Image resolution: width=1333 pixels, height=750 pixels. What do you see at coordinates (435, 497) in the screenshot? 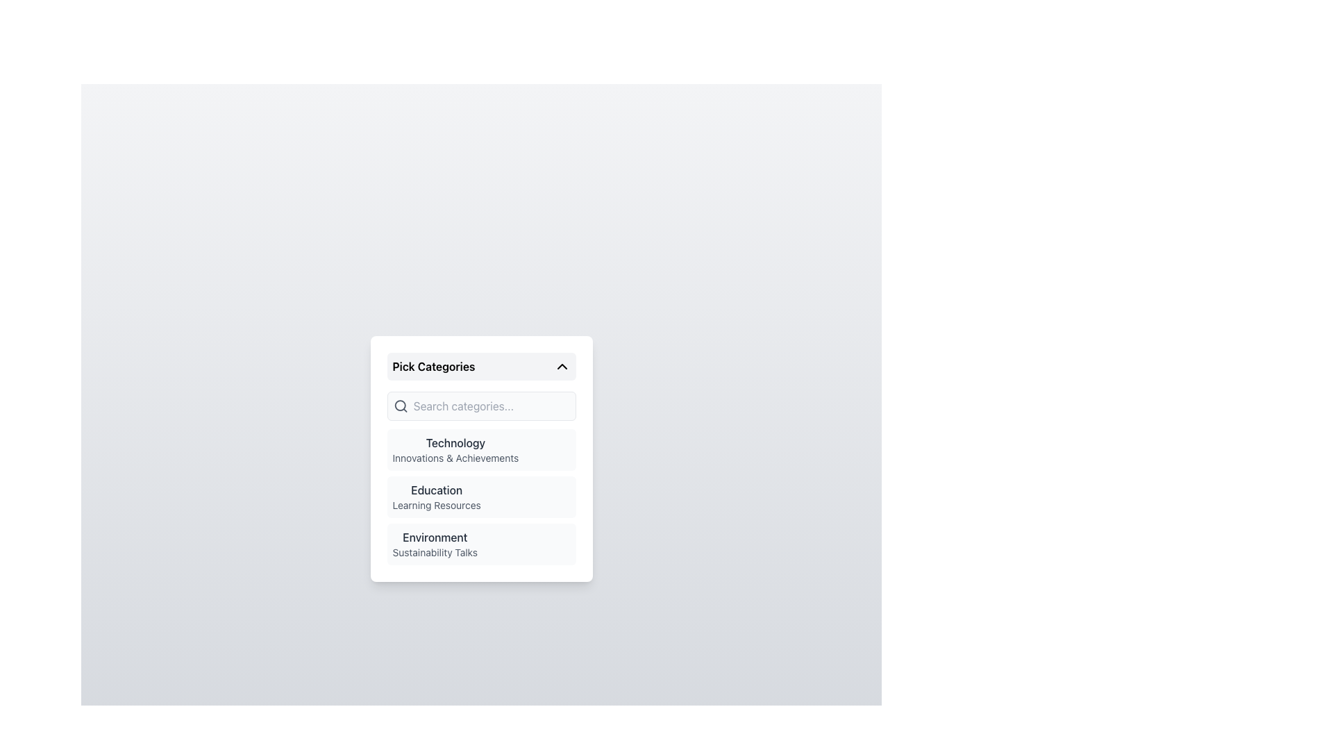
I see `the second selectable card labeled 'Education' in the 'Pick Categories' section` at bounding box center [435, 497].